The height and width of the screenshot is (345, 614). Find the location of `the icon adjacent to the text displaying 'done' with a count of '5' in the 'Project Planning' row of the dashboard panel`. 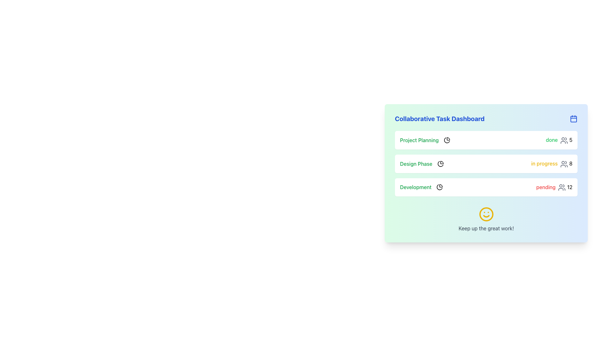

the icon adjacent to the text displaying 'done' with a count of '5' in the 'Project Planning' row of the dashboard panel is located at coordinates (559, 140).